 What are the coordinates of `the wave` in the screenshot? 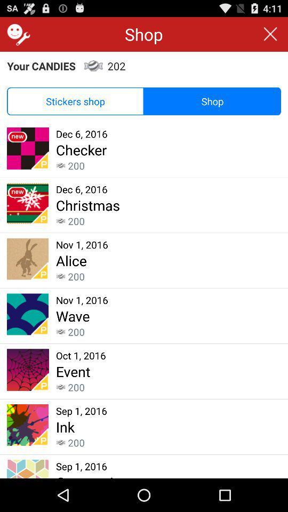 It's located at (72, 316).